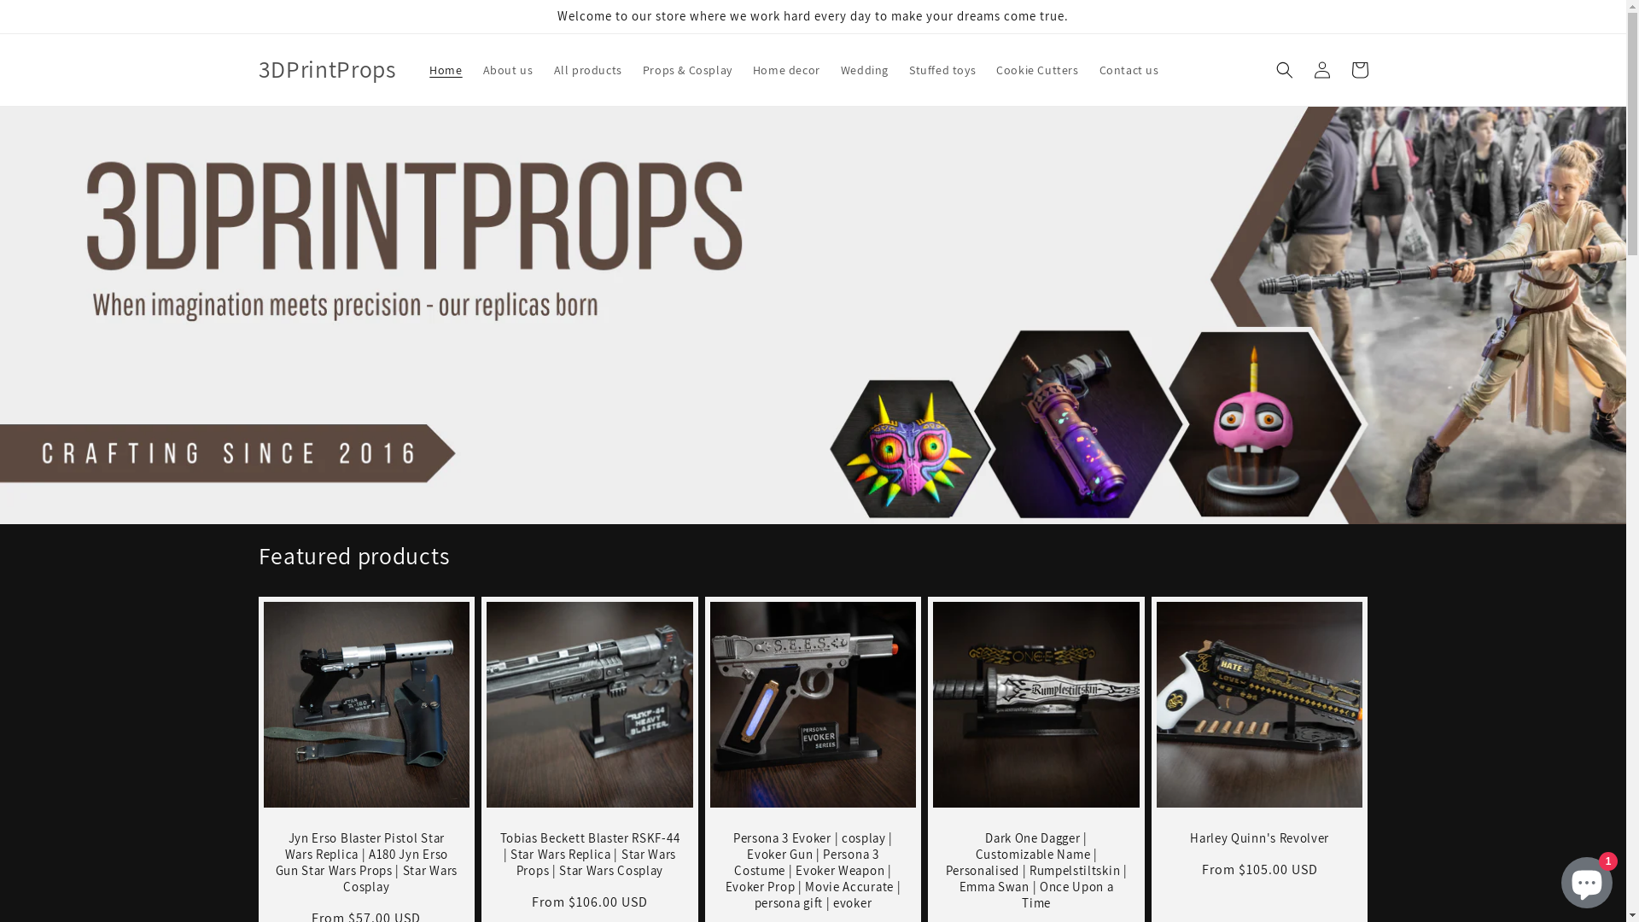  I want to click on 'Cookie Cutters', so click(1035, 68).